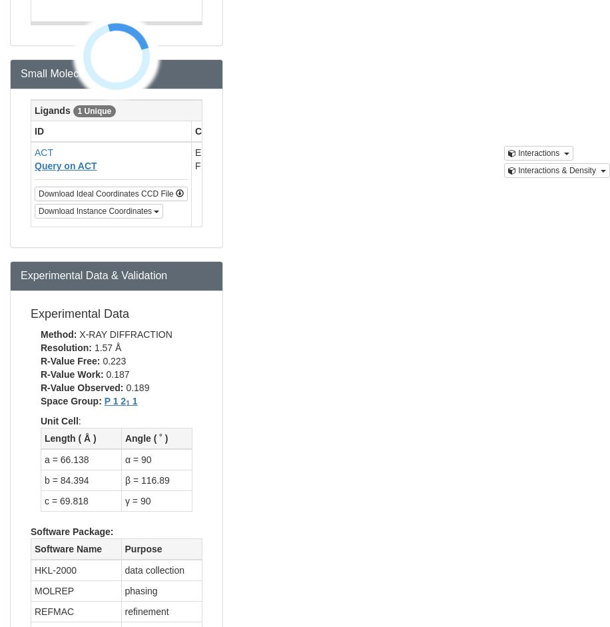 The image size is (610, 627). I want to click on 'Unit Cell', so click(59, 420).